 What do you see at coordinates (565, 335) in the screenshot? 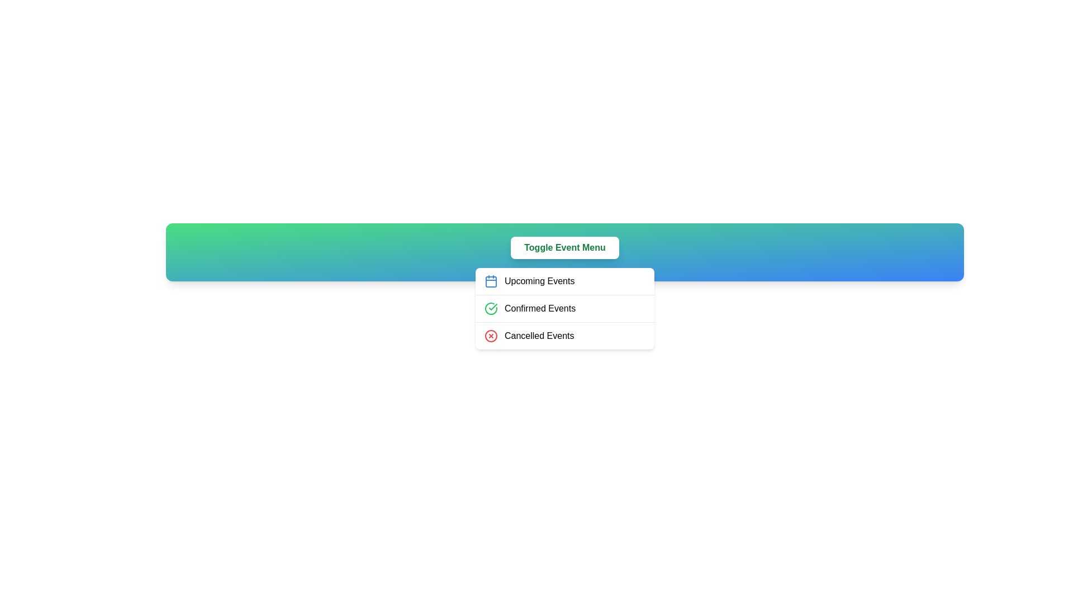
I see `the 'Cancelled Events' option in the menu` at bounding box center [565, 335].